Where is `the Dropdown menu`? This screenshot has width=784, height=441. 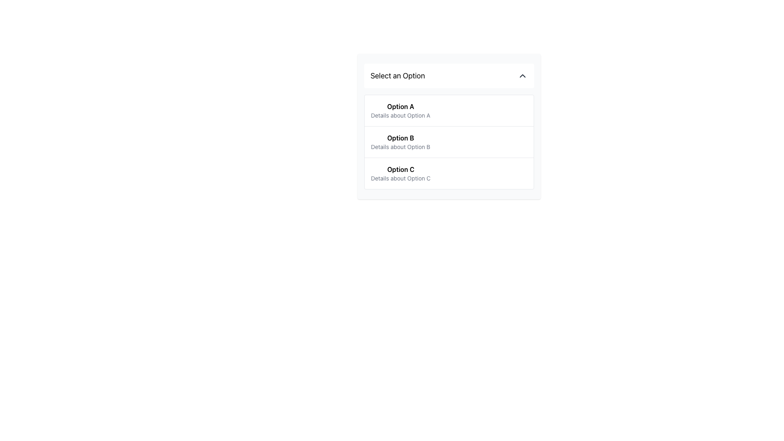 the Dropdown menu is located at coordinates (448, 126).